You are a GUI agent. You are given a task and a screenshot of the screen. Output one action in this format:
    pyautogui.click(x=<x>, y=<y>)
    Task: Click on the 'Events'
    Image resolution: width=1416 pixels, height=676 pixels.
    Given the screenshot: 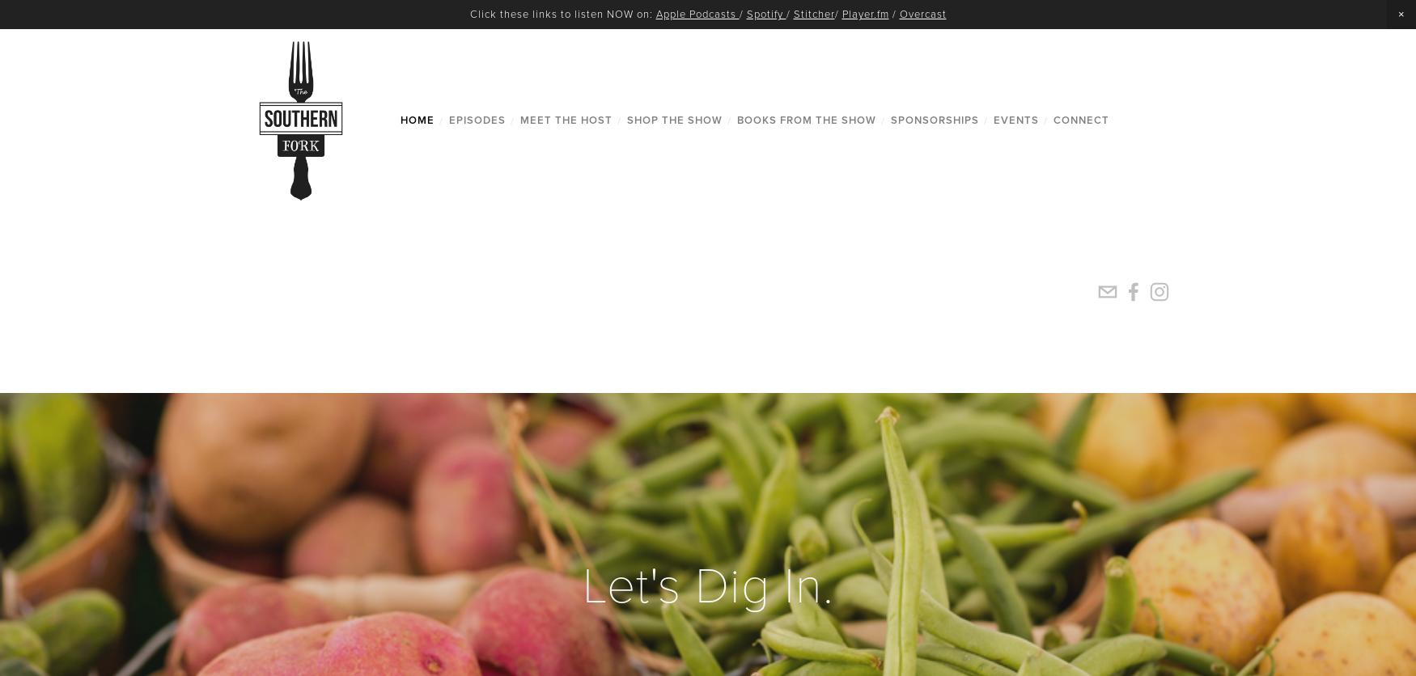 What is the action you would take?
    pyautogui.click(x=1014, y=119)
    